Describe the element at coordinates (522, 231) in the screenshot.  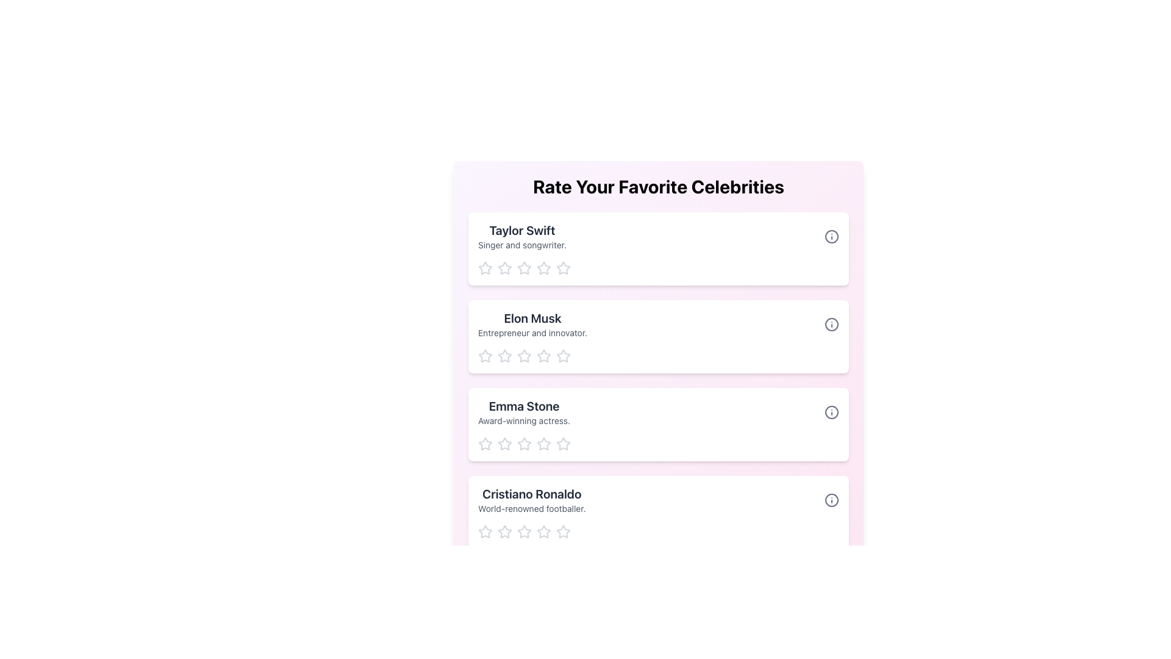
I see `the text label that serves as the title or name identifier for a profile card, positioned at the top of the card` at that location.